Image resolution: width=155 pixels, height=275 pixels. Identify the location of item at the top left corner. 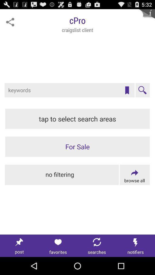
(10, 22).